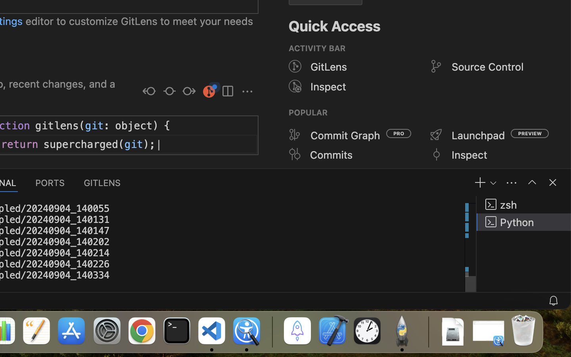 This screenshot has height=357, width=571. Describe the element at coordinates (169, 92) in the screenshot. I see `''` at that location.